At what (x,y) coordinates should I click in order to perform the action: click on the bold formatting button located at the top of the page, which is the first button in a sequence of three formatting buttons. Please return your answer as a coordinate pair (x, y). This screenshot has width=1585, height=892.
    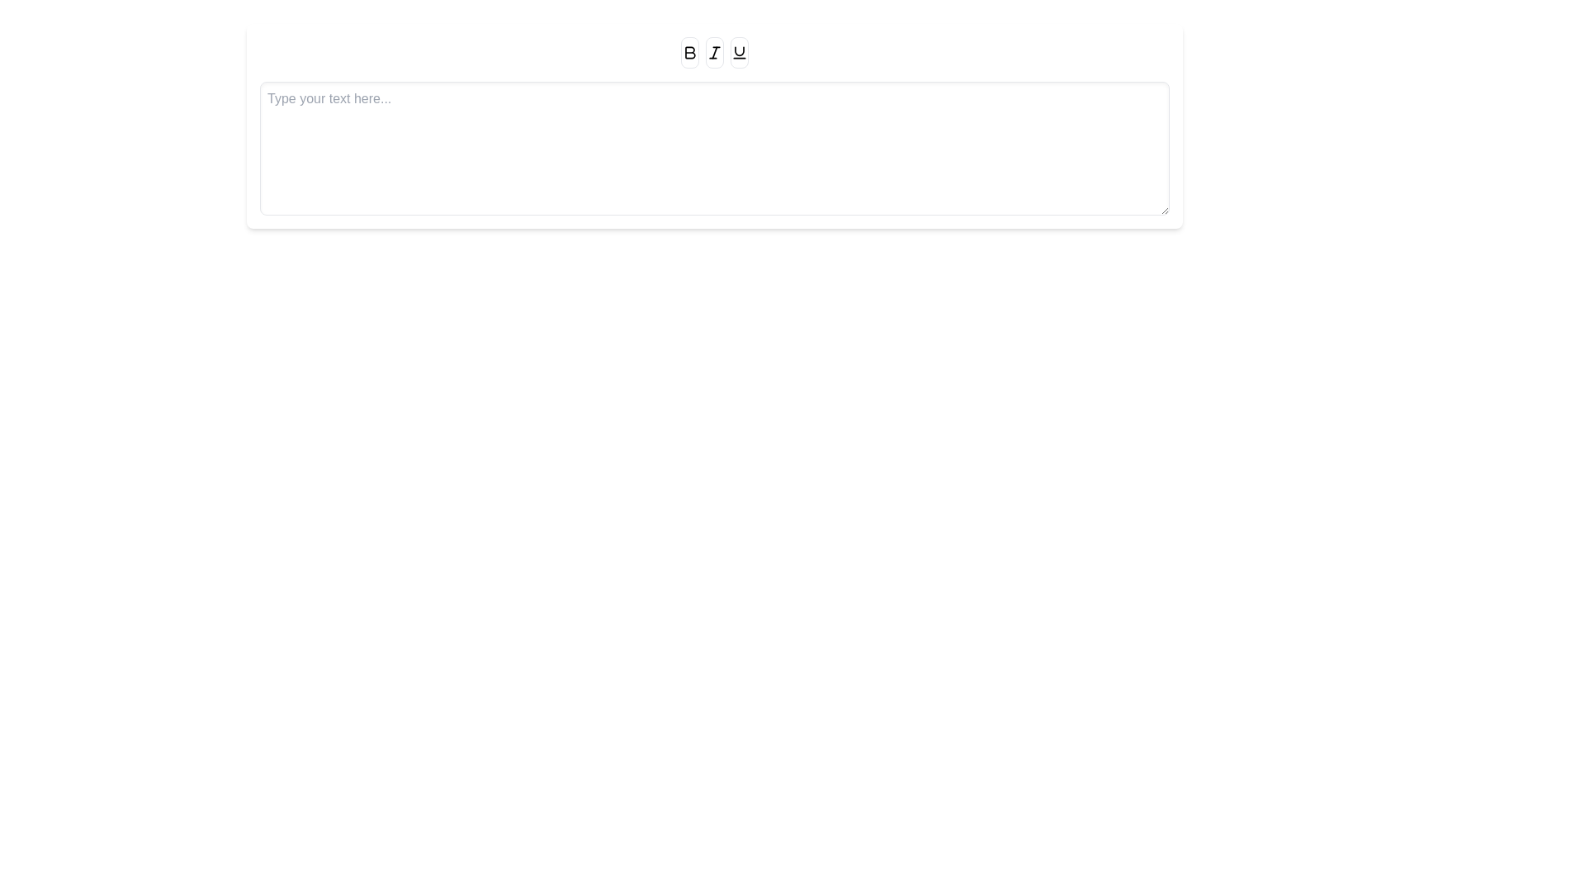
    Looking at the image, I should click on (689, 52).